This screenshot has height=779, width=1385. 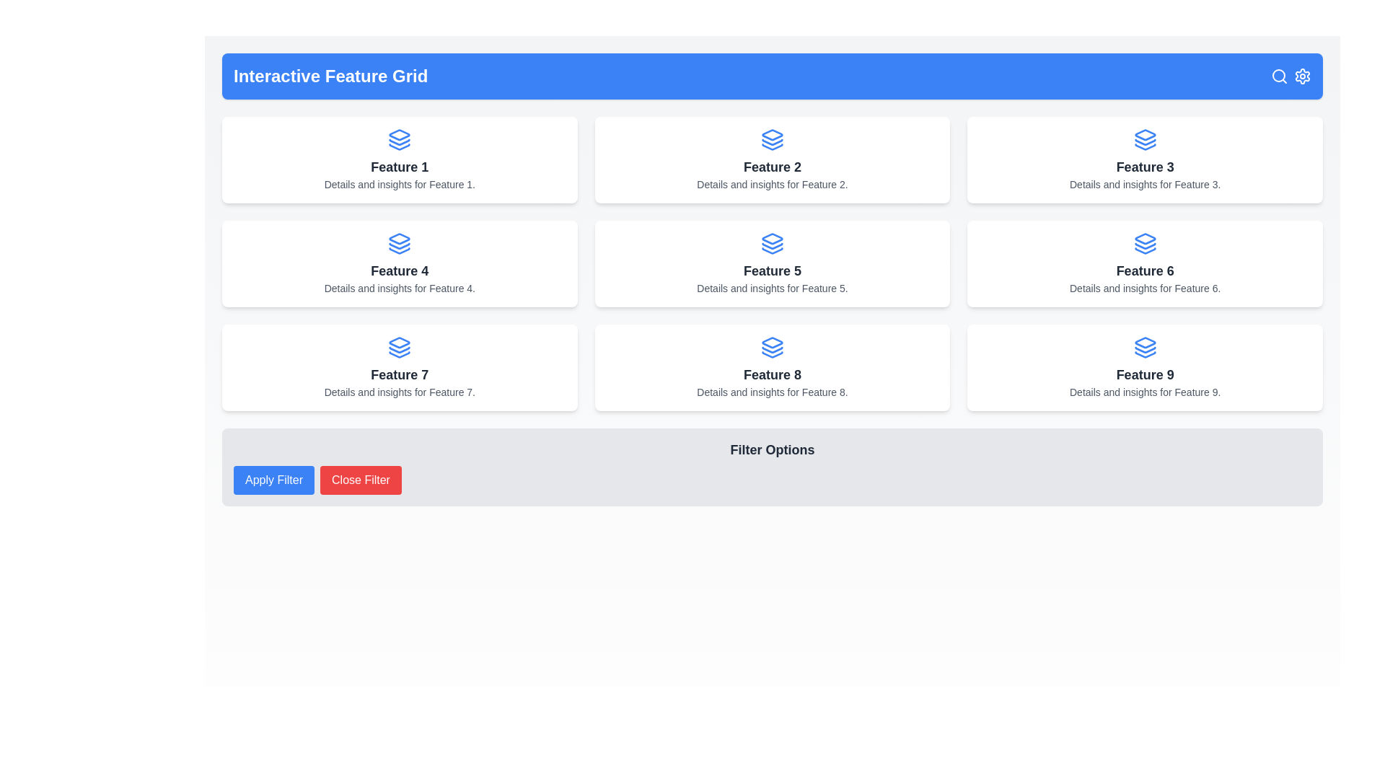 I want to click on the card component displaying information about 'Feature 1', so click(x=400, y=160).